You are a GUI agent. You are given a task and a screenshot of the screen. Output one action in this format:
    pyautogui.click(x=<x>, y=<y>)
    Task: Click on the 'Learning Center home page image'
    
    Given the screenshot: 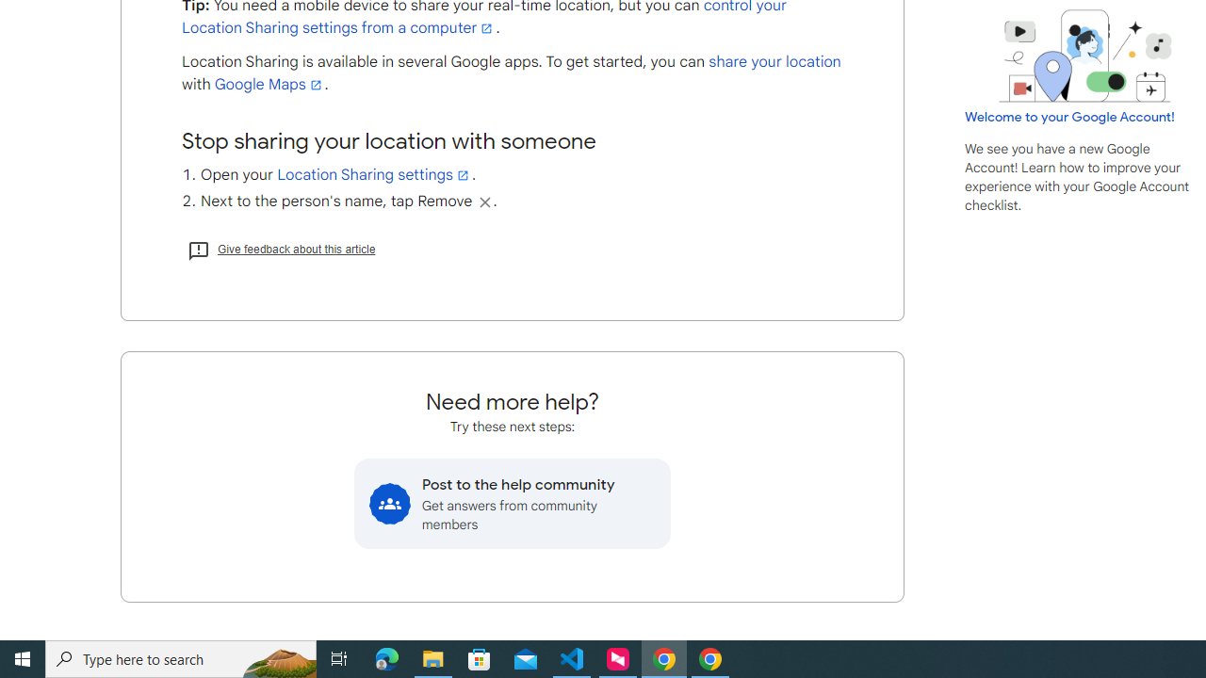 What is the action you would take?
    pyautogui.click(x=1085, y=55)
    